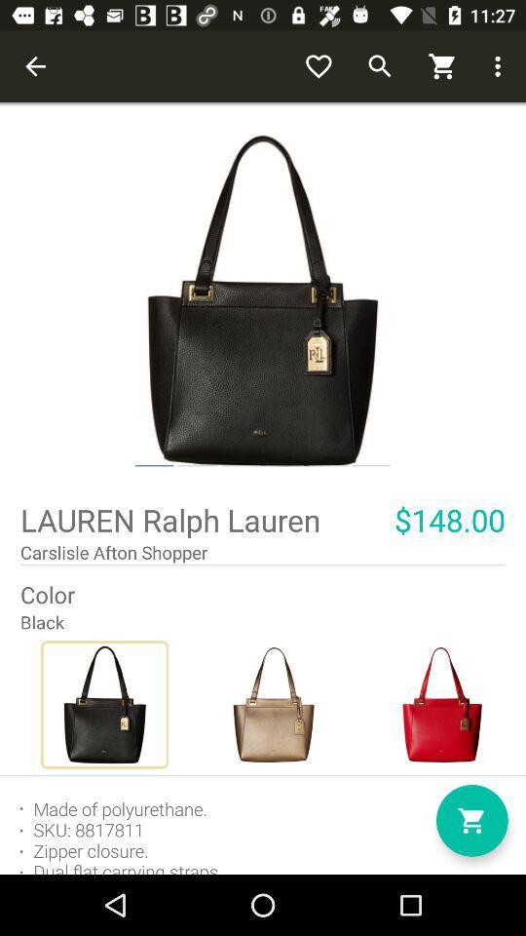 The height and width of the screenshot is (936, 526). I want to click on the shoping cart symbol which is on the right side bottom of the page, so click(470, 820).